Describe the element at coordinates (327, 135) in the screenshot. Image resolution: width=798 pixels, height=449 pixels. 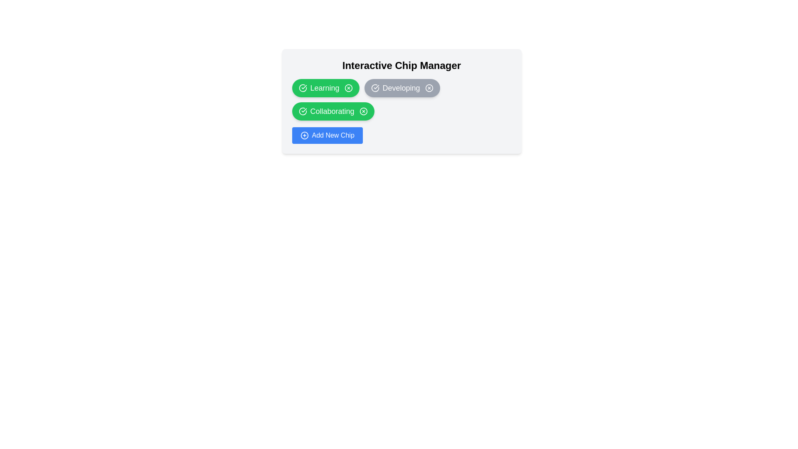
I see `the blue rectangular button labeled 'Add New Chip' for keyboard navigation` at that location.